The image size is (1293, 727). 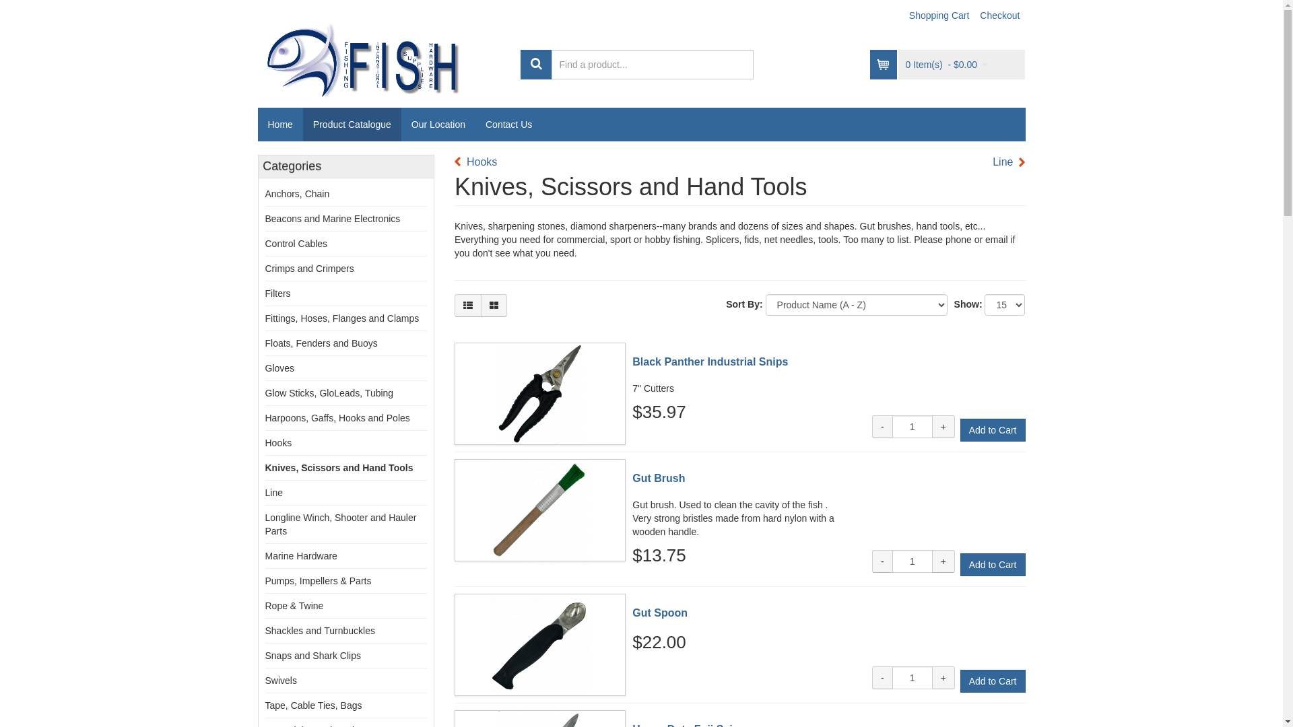 What do you see at coordinates (337, 417) in the screenshot?
I see `'Harpoons, Gaffs, Hooks and Poles'` at bounding box center [337, 417].